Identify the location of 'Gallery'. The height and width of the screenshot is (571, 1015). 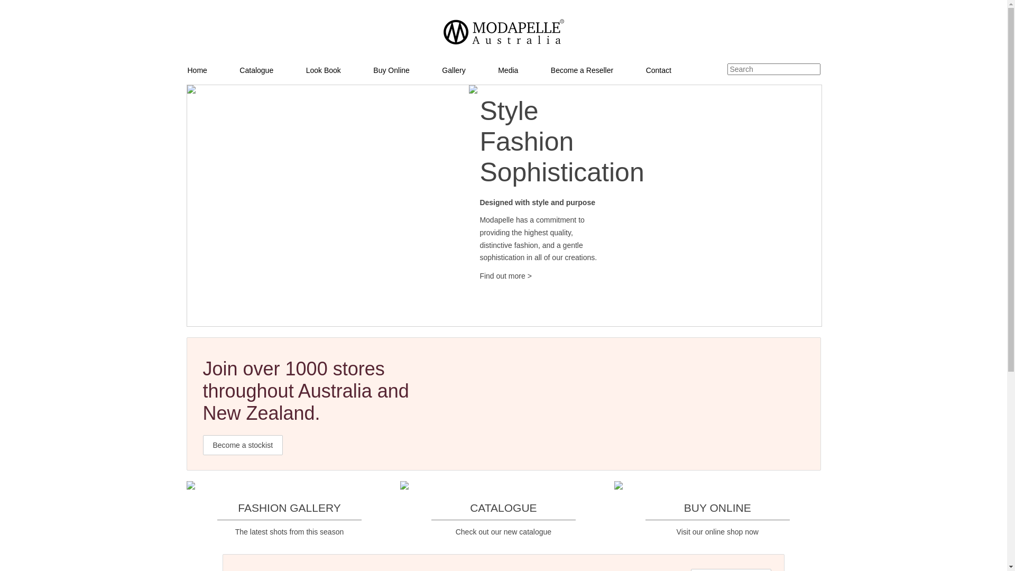
(441, 70).